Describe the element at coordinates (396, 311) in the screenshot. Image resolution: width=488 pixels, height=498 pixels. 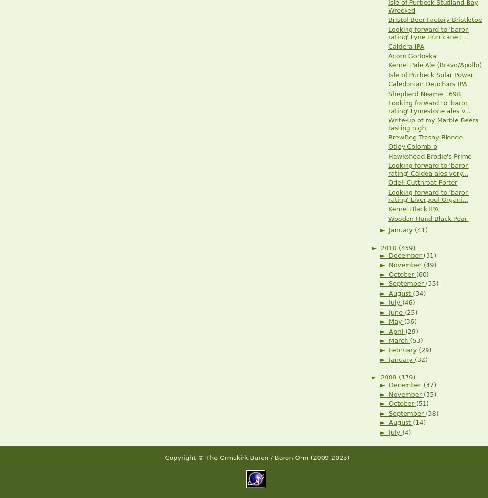
I see `'June'` at that location.